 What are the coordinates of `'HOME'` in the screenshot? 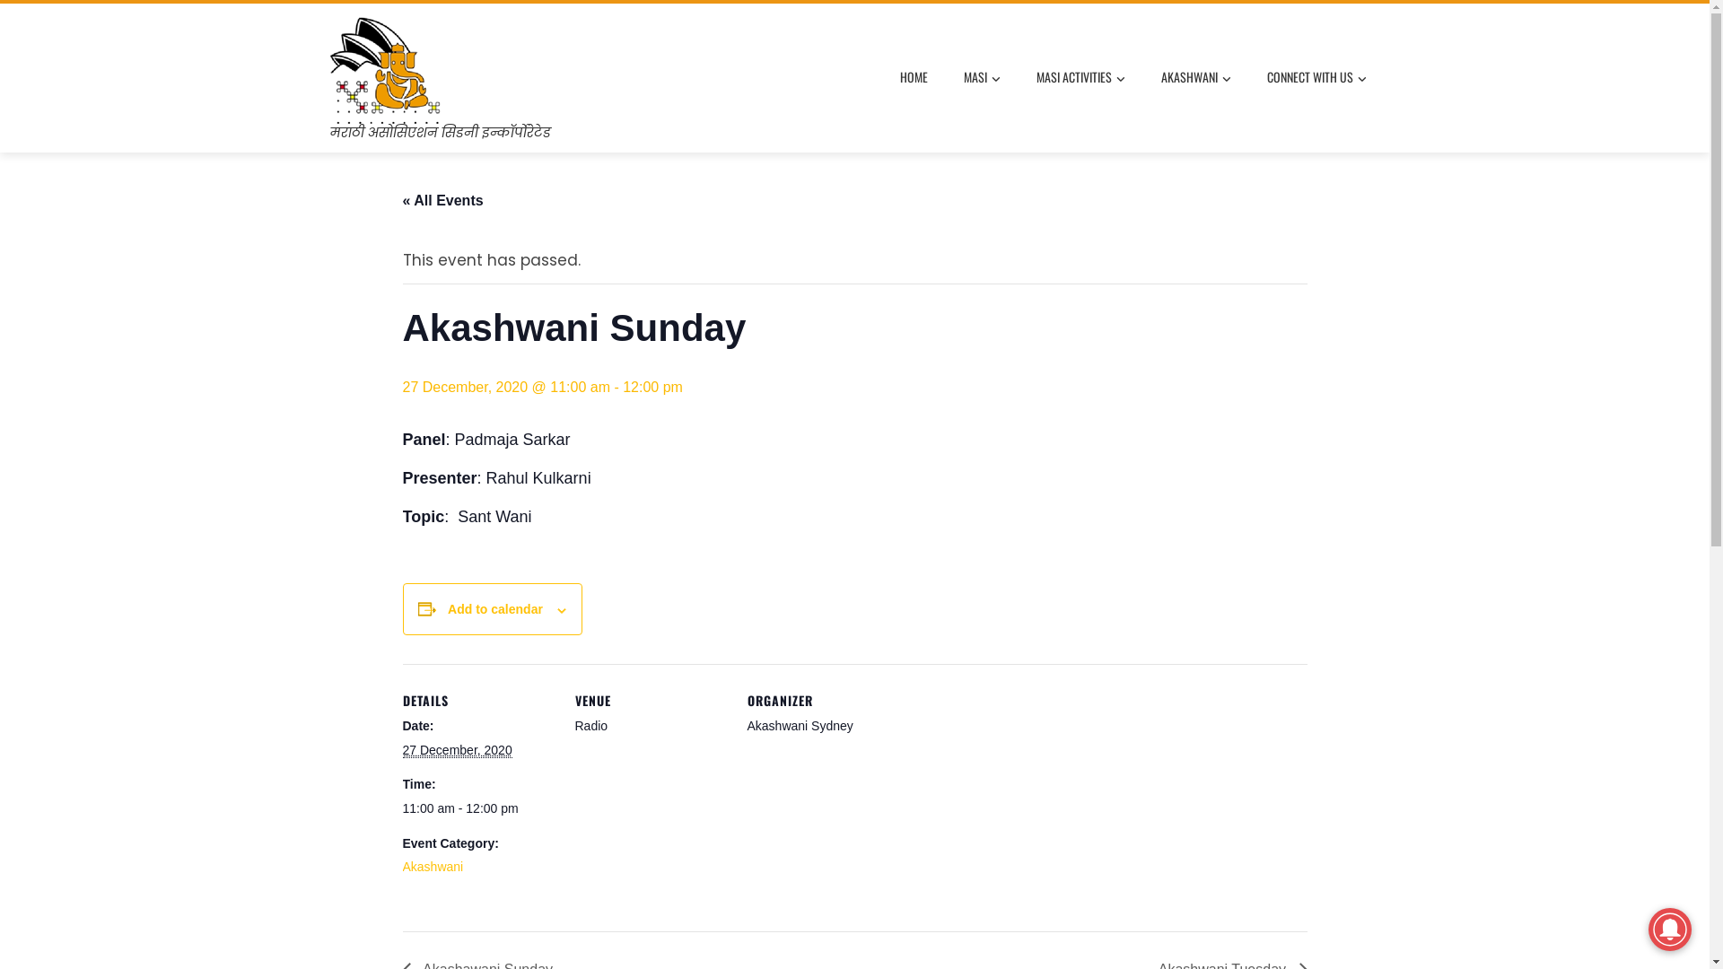 It's located at (914, 75).